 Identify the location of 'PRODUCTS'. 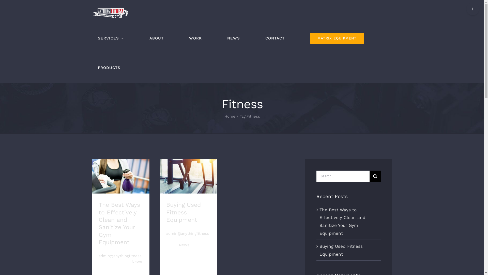
(109, 67).